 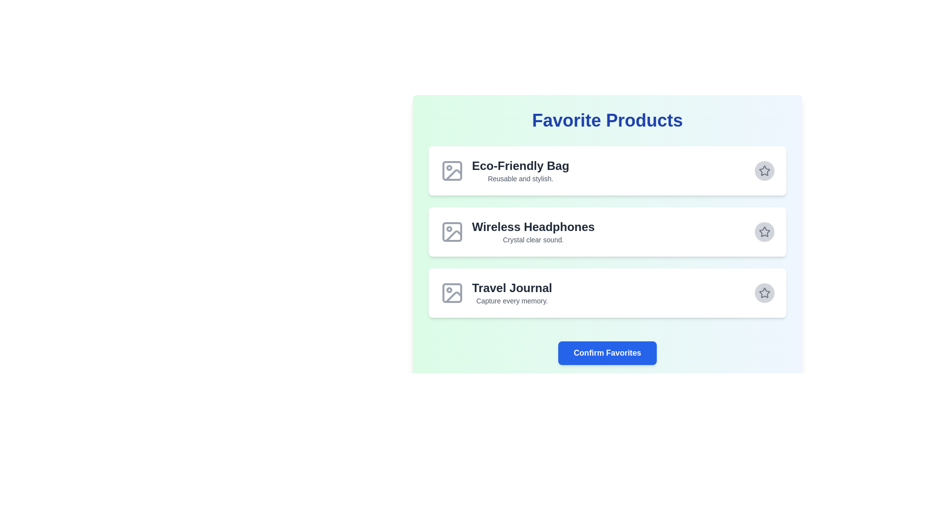 I want to click on star button for the product Travel Journal to toggle its favorite status, so click(x=764, y=292).